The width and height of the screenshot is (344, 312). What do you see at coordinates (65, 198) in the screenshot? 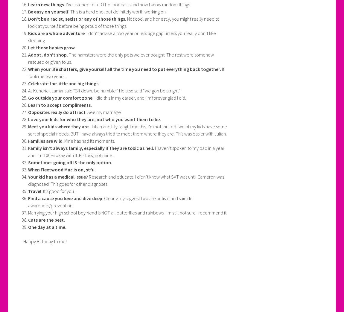
I see `'Find a cause you love and dive deep'` at bounding box center [65, 198].